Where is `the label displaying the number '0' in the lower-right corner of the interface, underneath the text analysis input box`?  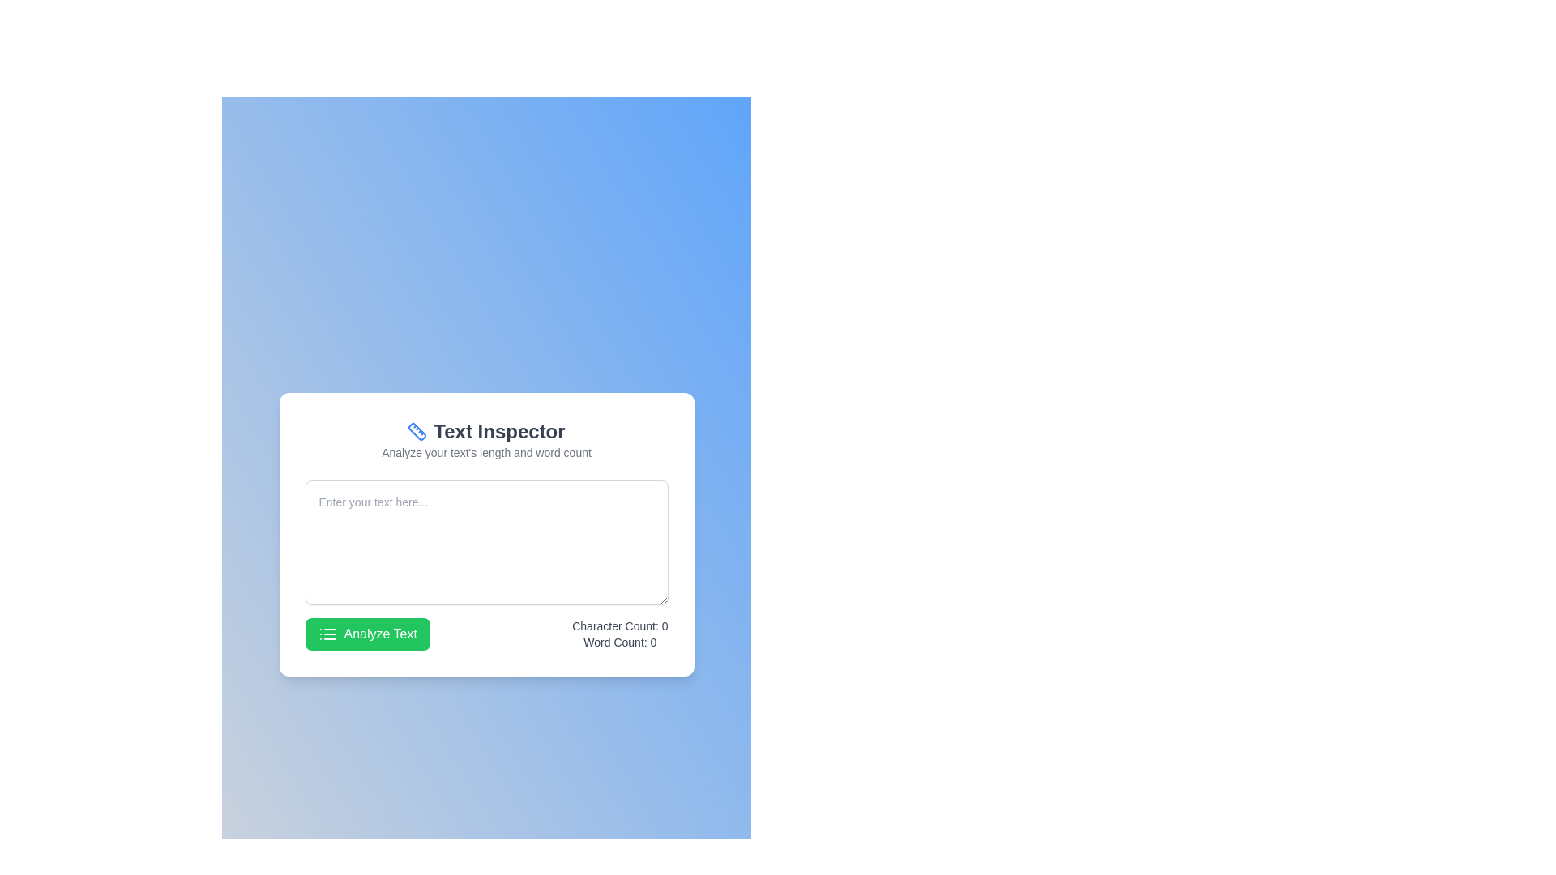
the label displaying the number '0' in the lower-right corner of the interface, underneath the text analysis input box is located at coordinates (653, 642).